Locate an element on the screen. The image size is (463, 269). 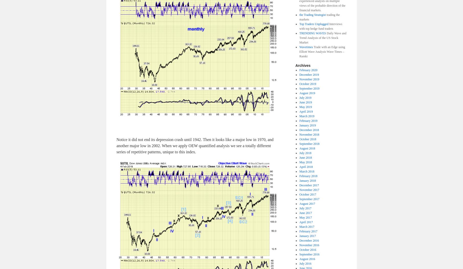
'November 2016' is located at coordinates (309, 245).